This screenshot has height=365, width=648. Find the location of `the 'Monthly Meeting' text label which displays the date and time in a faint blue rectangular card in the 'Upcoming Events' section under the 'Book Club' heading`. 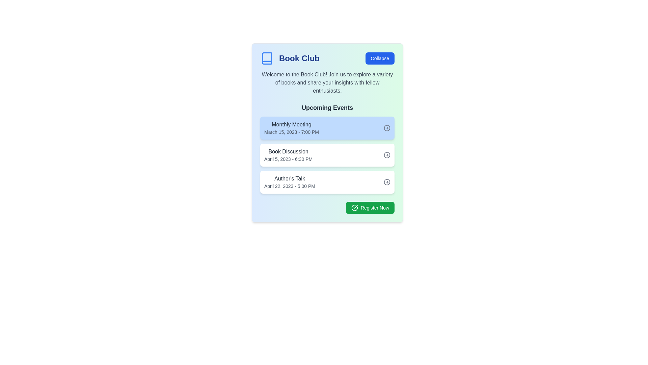

the 'Monthly Meeting' text label which displays the date and time in a faint blue rectangular card in the 'Upcoming Events' section under the 'Book Club' heading is located at coordinates (292, 128).